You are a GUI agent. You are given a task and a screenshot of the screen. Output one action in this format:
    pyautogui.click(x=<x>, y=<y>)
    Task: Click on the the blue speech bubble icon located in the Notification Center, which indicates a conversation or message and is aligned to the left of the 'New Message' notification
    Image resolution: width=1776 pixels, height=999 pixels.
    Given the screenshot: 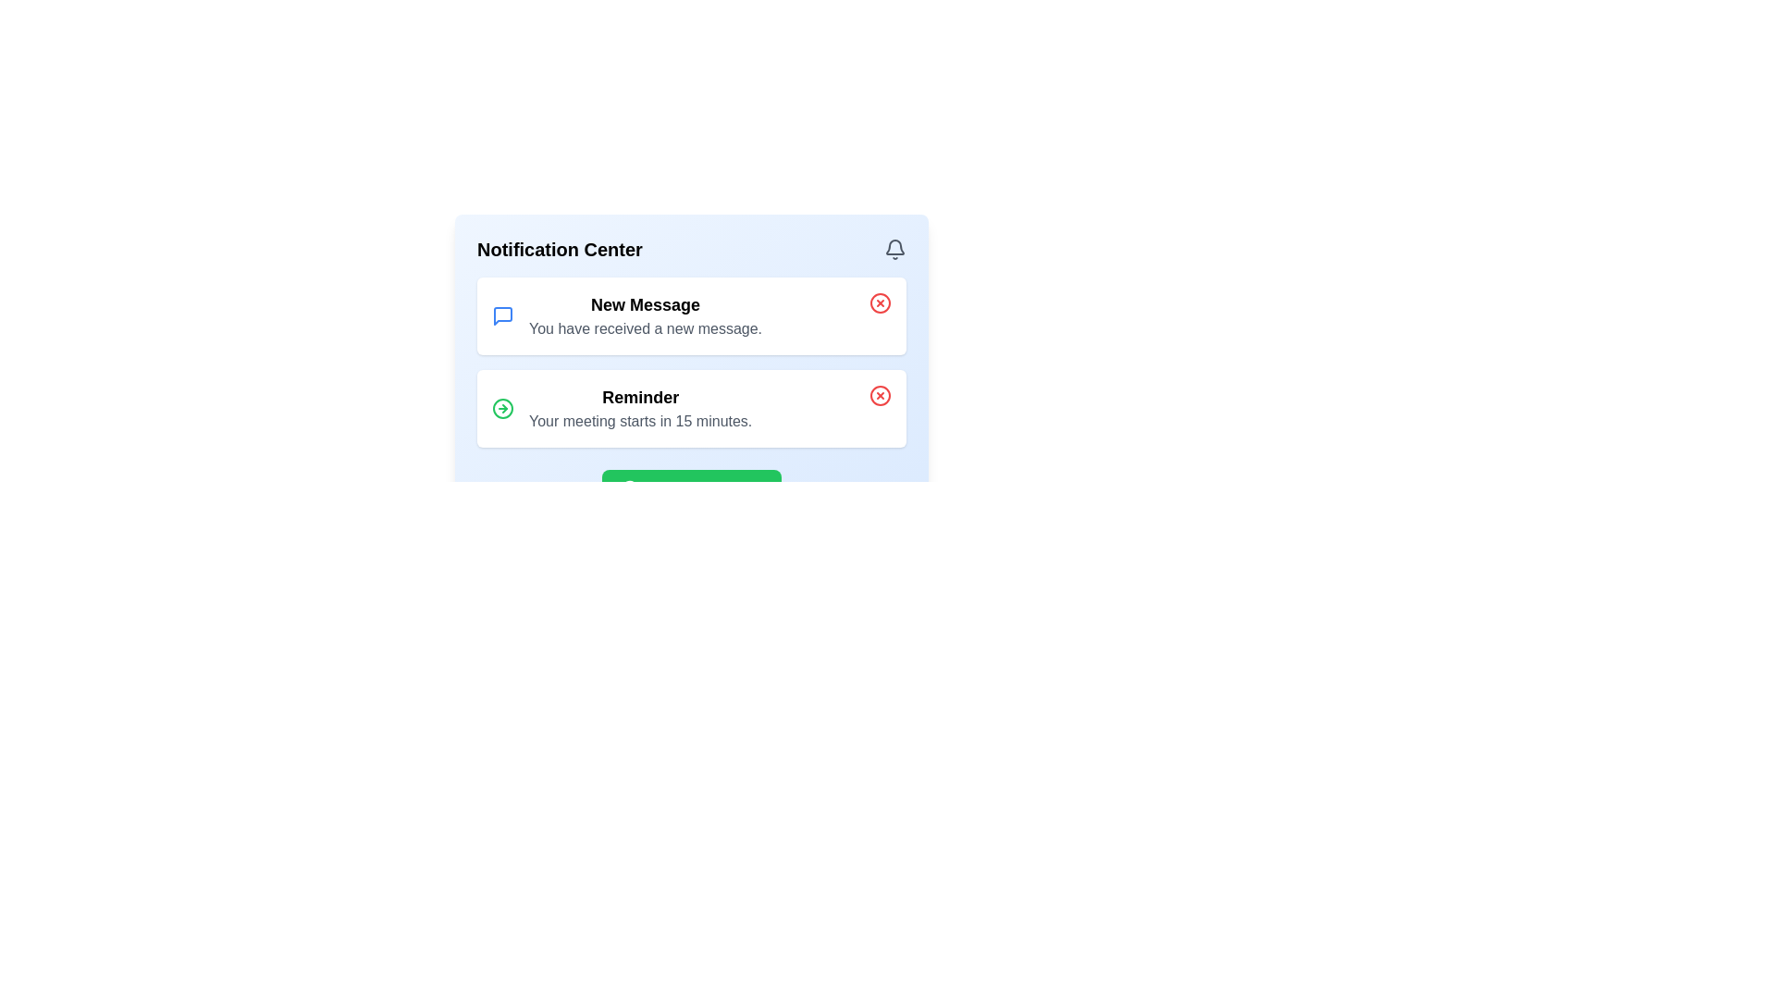 What is the action you would take?
    pyautogui.click(x=502, y=315)
    